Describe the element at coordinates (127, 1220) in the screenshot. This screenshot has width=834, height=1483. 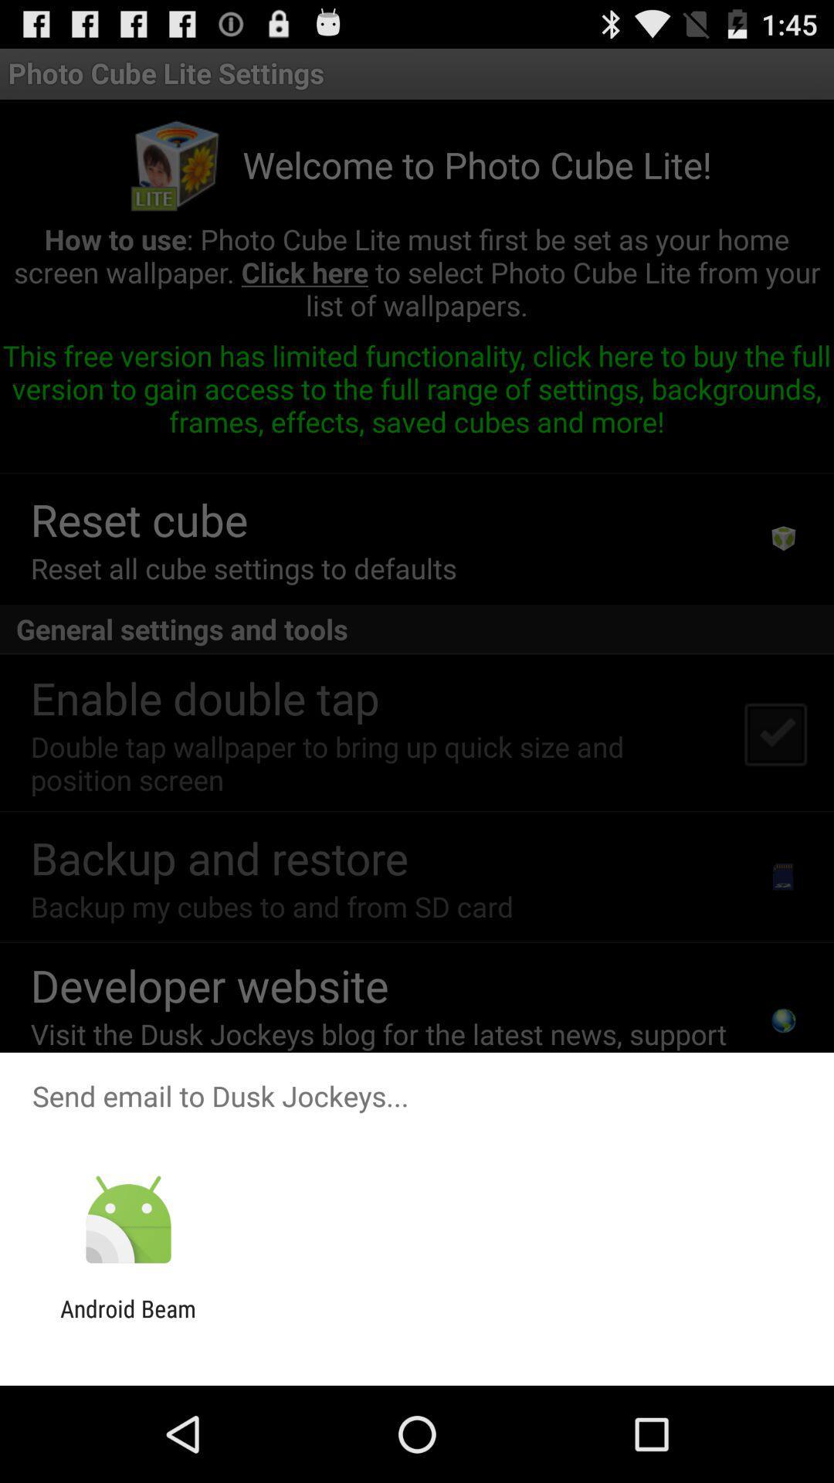
I see `the app above android beam app` at that location.